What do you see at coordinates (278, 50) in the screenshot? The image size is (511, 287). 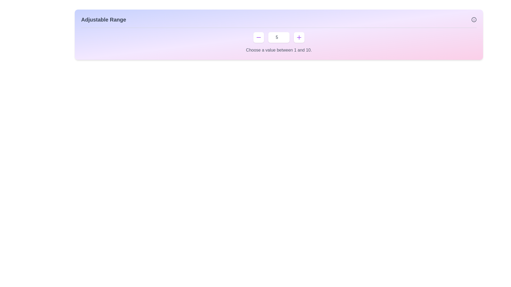 I see `the instructive text label that provides guidance for the number selector input range located below the number input field` at bounding box center [278, 50].